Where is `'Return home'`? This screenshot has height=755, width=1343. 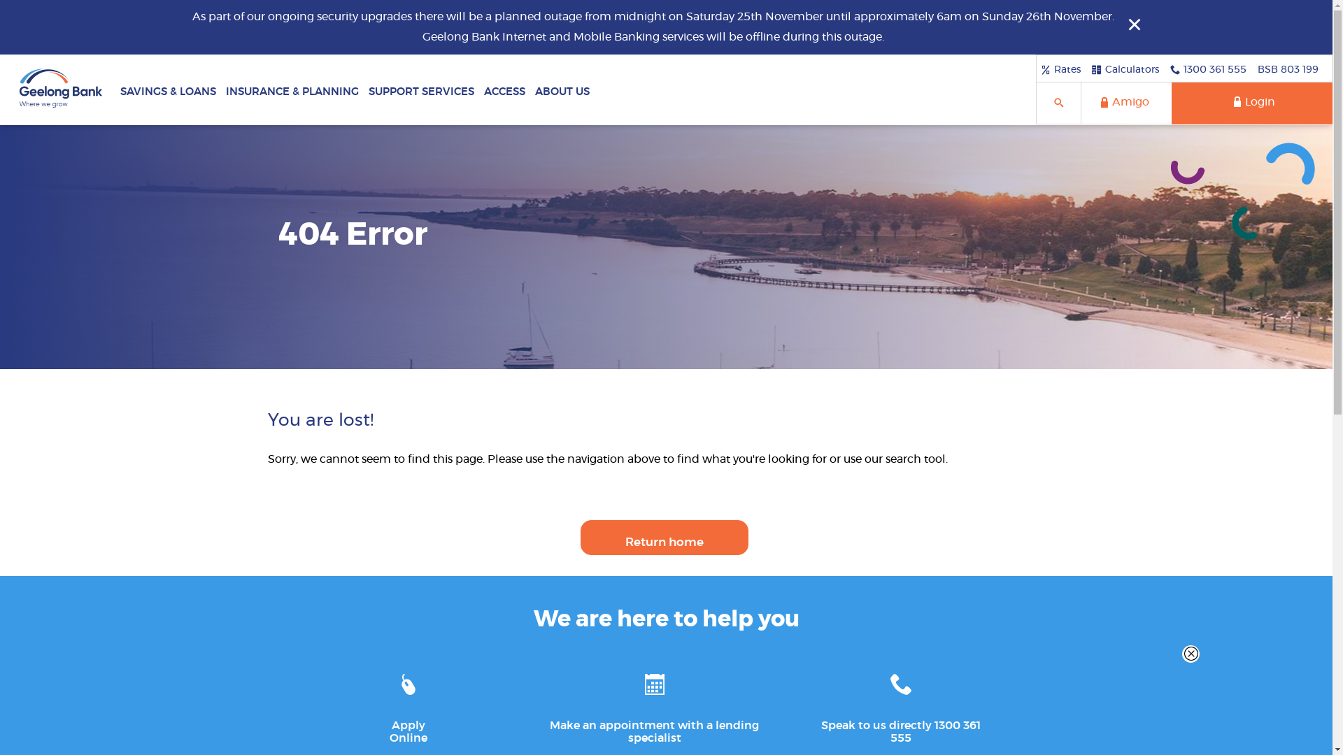
'Return home' is located at coordinates (664, 536).